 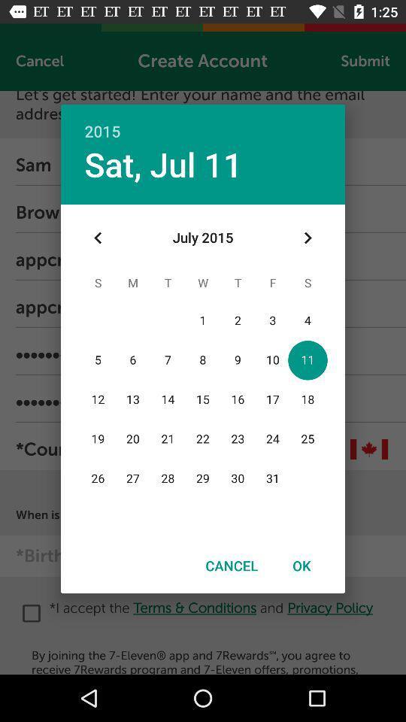 What do you see at coordinates (203, 122) in the screenshot?
I see `item above sat, jul 11 icon` at bounding box center [203, 122].